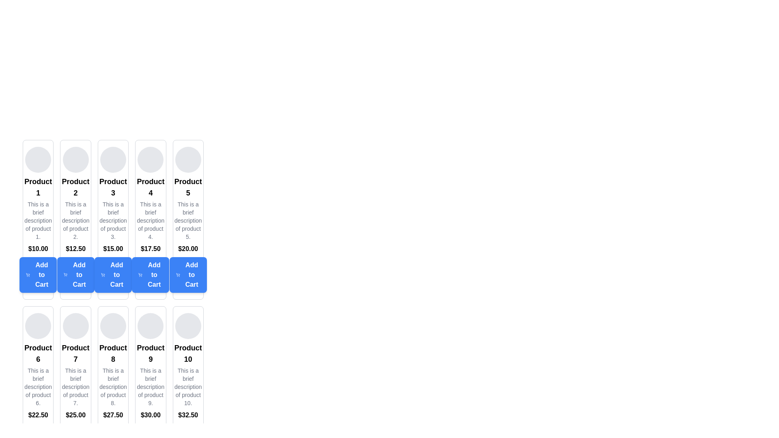 Image resolution: width=779 pixels, height=438 pixels. Describe the element at coordinates (75, 275) in the screenshot. I see `the button` at that location.